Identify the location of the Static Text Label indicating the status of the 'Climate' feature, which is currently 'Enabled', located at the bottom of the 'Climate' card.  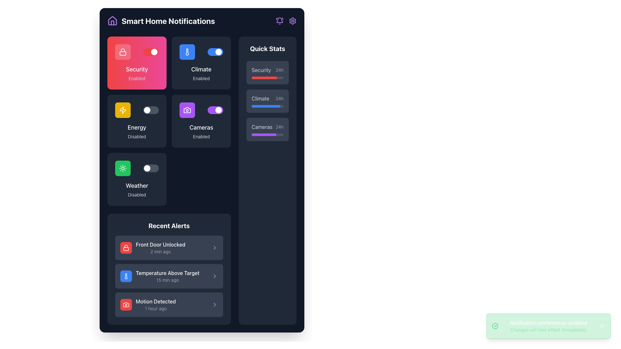
(201, 78).